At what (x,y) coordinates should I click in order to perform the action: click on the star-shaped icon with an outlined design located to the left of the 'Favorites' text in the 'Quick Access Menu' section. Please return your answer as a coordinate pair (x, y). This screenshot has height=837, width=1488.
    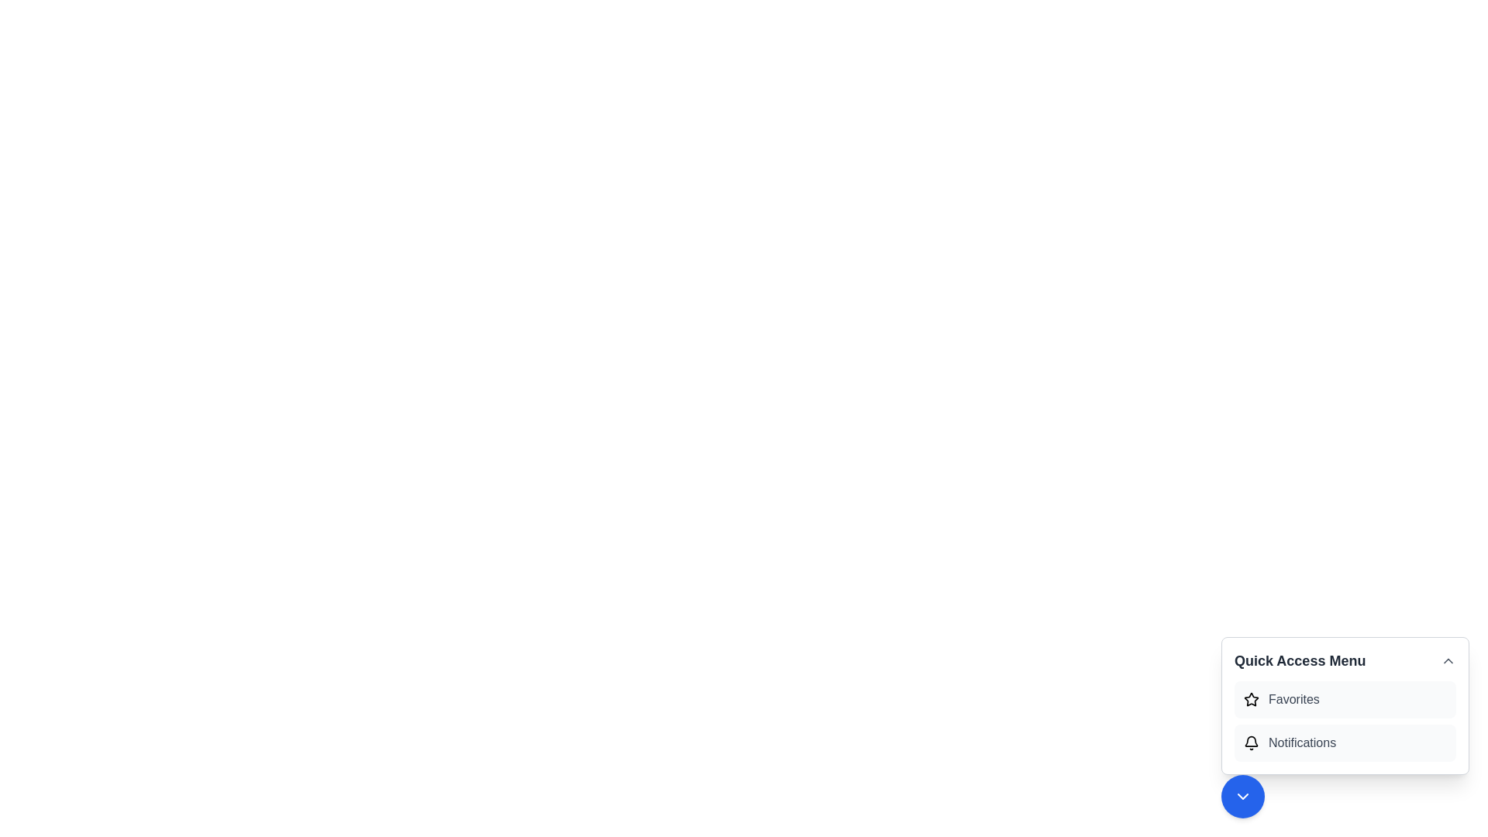
    Looking at the image, I should click on (1251, 699).